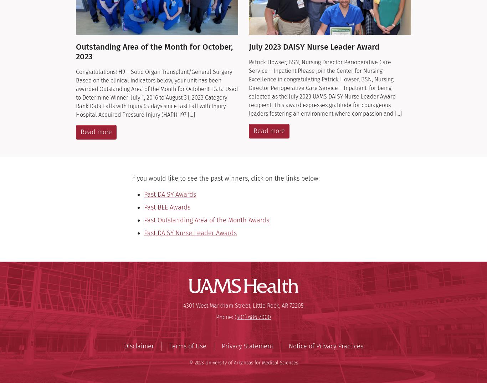 The height and width of the screenshot is (383, 487). Describe the element at coordinates (138, 346) in the screenshot. I see `'Disclaimer'` at that location.